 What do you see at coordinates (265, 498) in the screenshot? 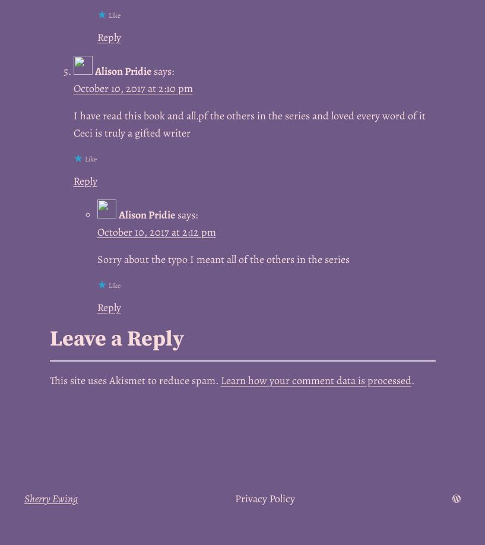
I see `'Privacy Policy'` at bounding box center [265, 498].